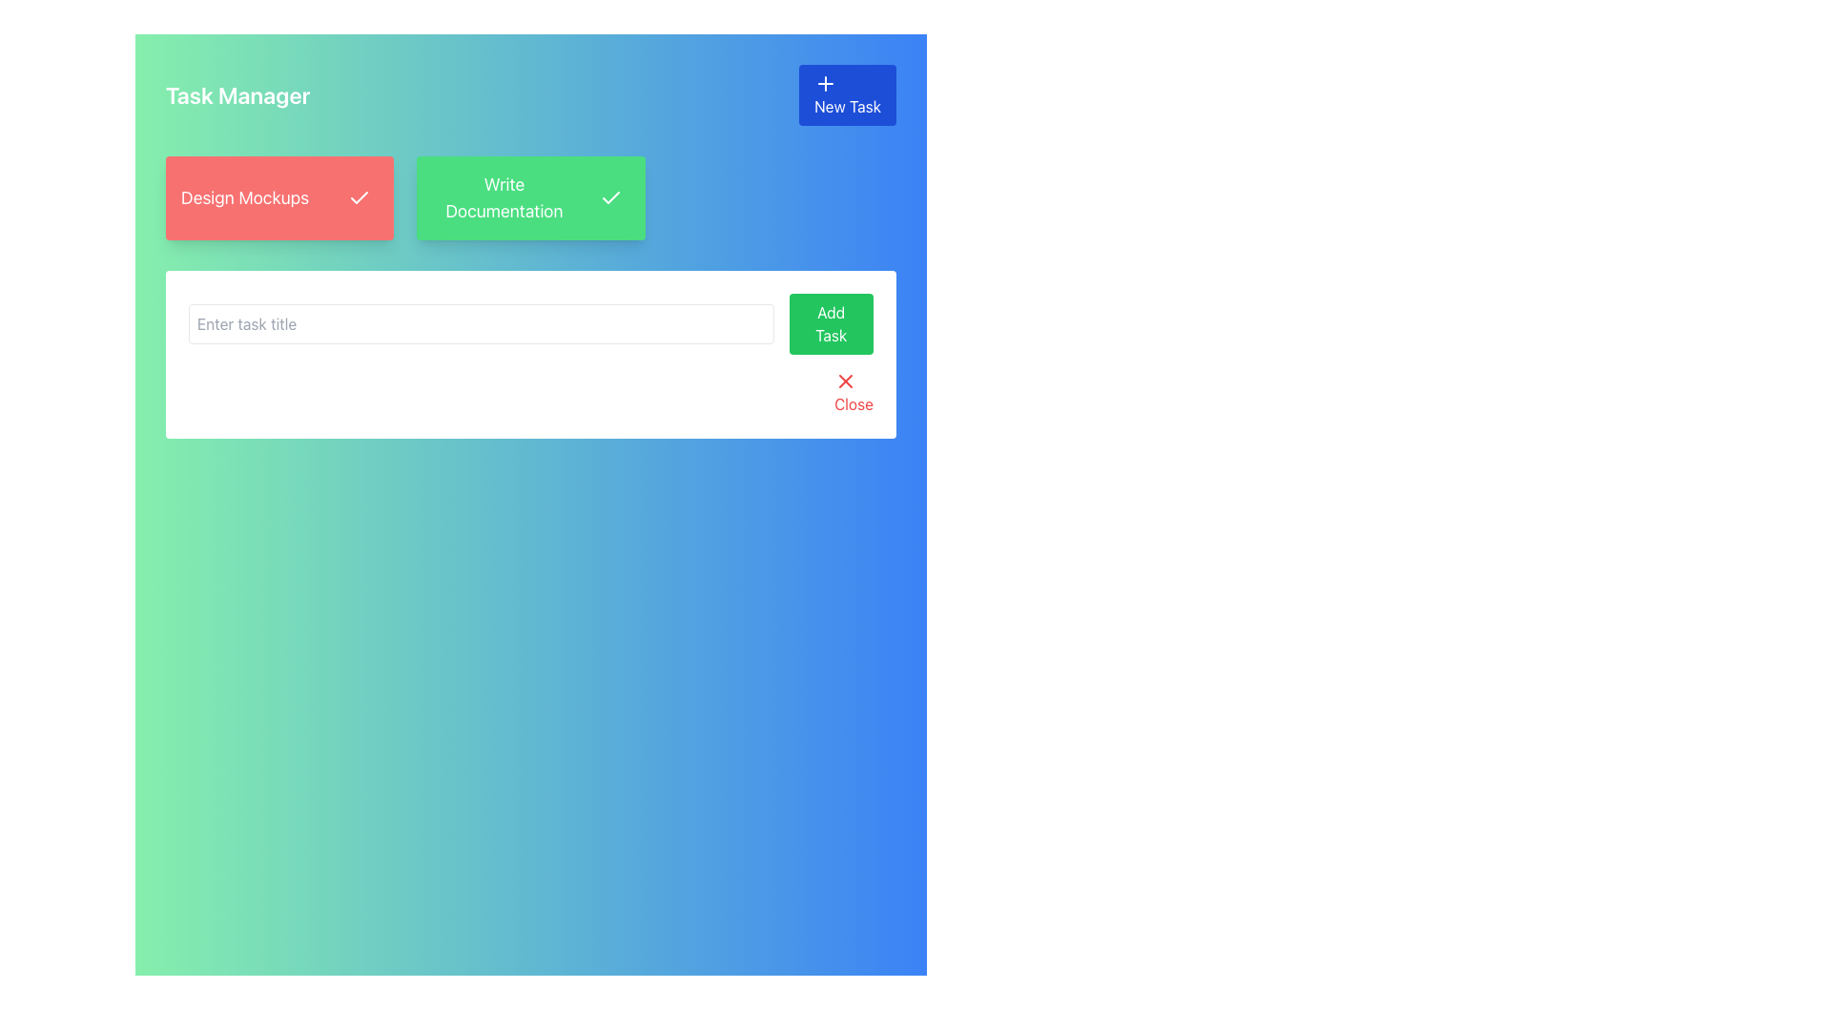  What do you see at coordinates (530, 198) in the screenshot?
I see `the task card labeled 'Write Documentation', which indicates its status as complete with a checkmark on the right. This element is positioned second from the left in a horizontal task list layout` at bounding box center [530, 198].